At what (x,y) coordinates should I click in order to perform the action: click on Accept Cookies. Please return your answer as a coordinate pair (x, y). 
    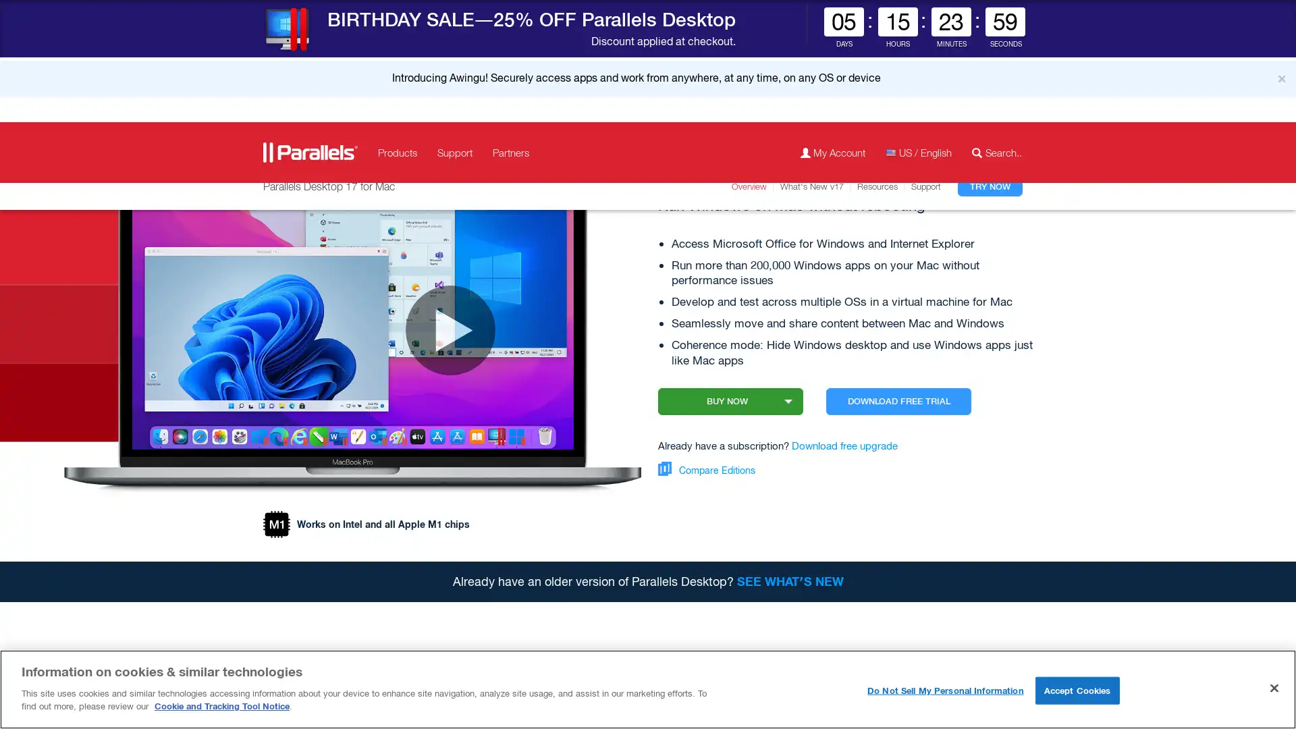
    Looking at the image, I should click on (1076, 690).